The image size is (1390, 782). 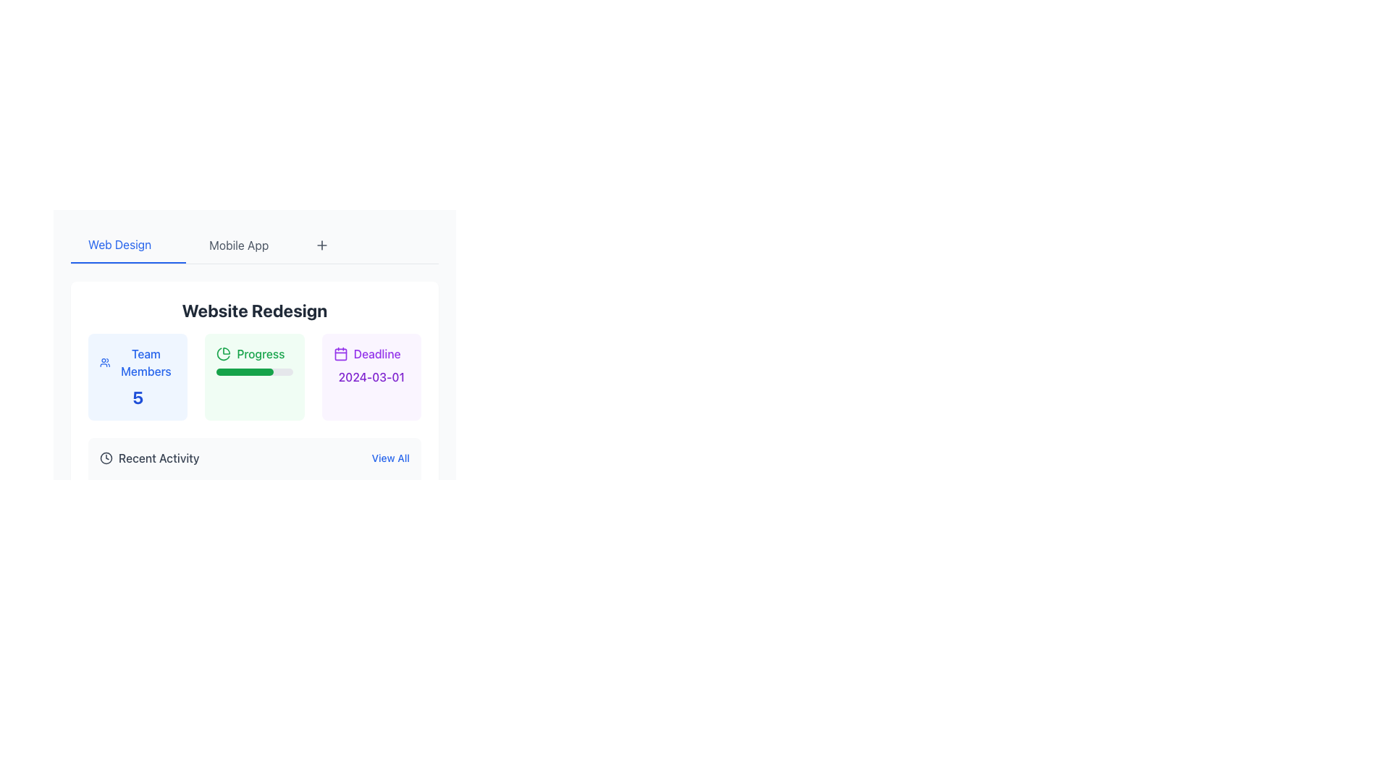 What do you see at coordinates (254, 245) in the screenshot?
I see `the 'Mobile App' navigation tab located in the top navigation bar, which is positioned between the 'Web Design' tab and the '+' button` at bounding box center [254, 245].